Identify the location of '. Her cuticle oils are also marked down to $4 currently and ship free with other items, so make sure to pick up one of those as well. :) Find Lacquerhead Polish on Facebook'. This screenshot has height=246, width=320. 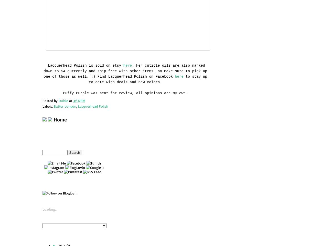
(125, 71).